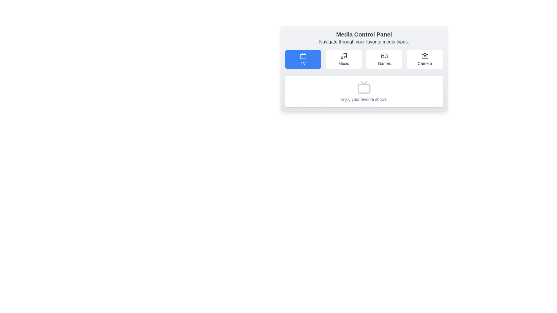 The height and width of the screenshot is (313, 557). What do you see at coordinates (344, 56) in the screenshot?
I see `the musical note icon located under the 'Music' label in the media control panel` at bounding box center [344, 56].